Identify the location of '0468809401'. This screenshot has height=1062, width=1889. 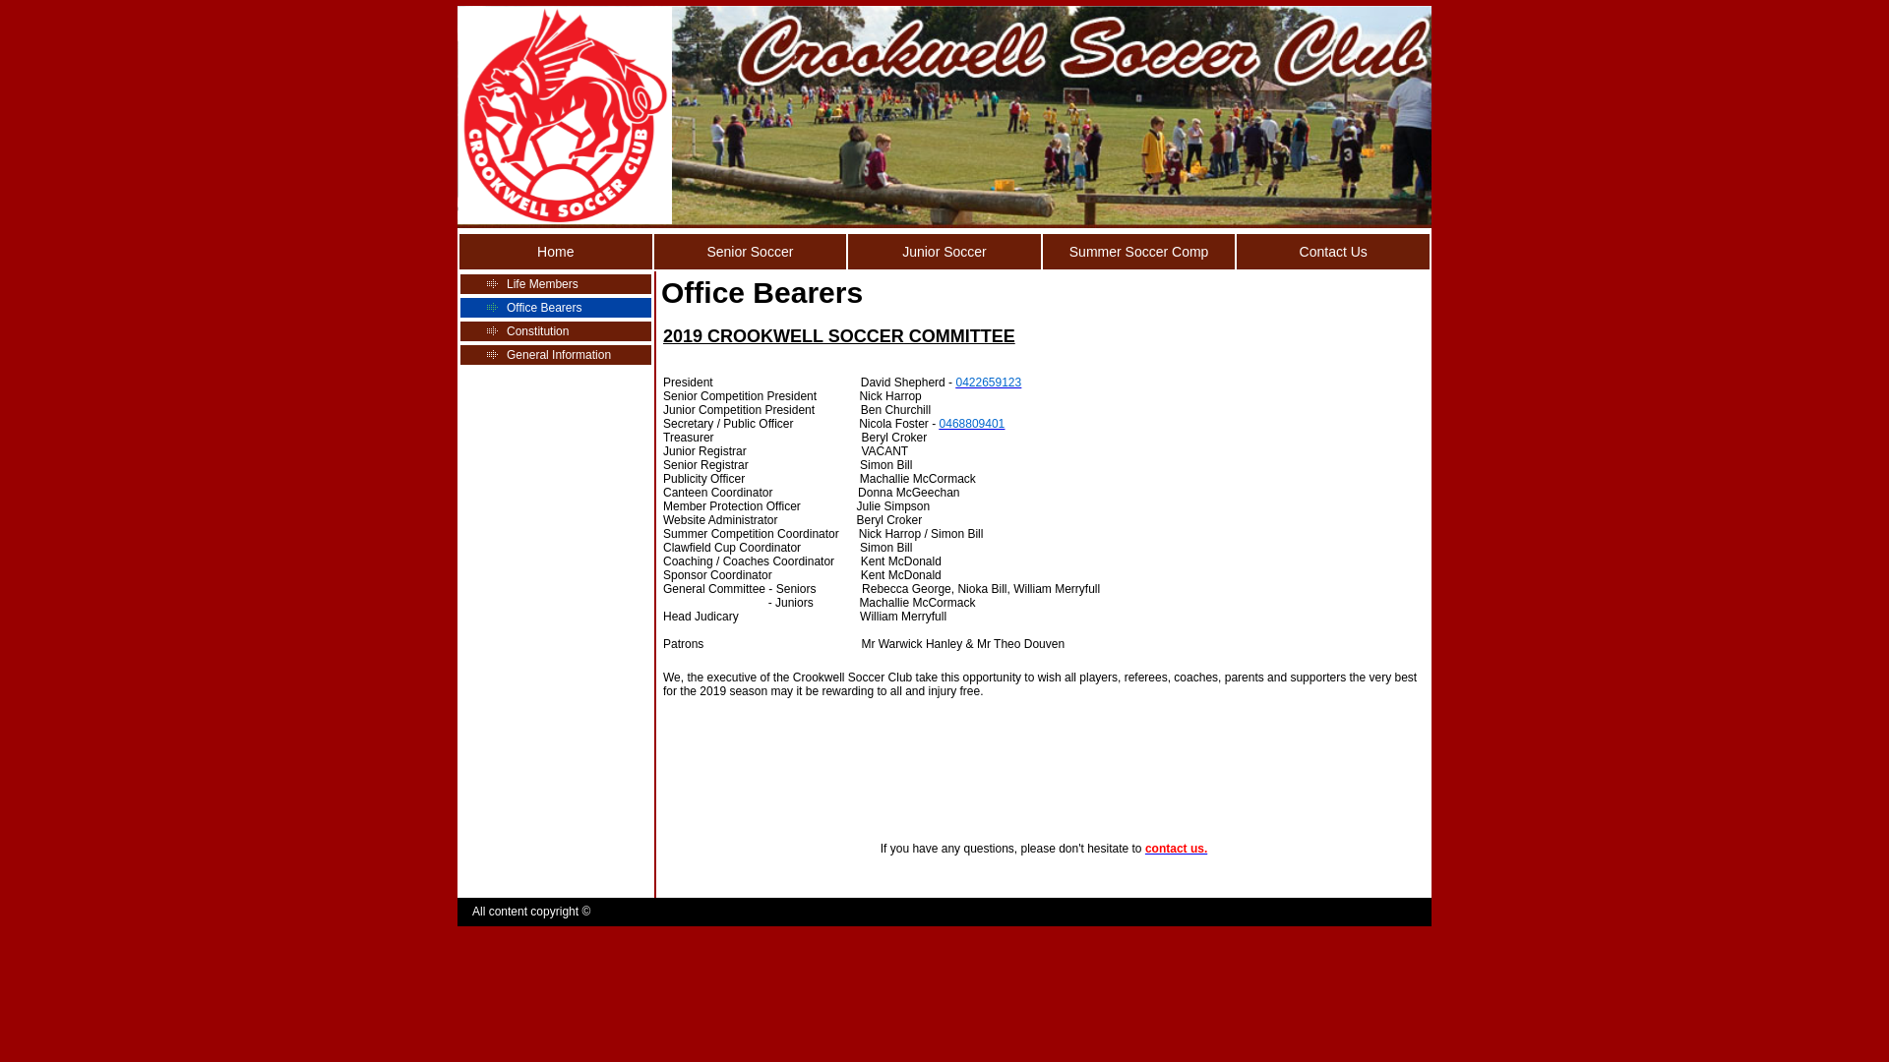
(972, 423).